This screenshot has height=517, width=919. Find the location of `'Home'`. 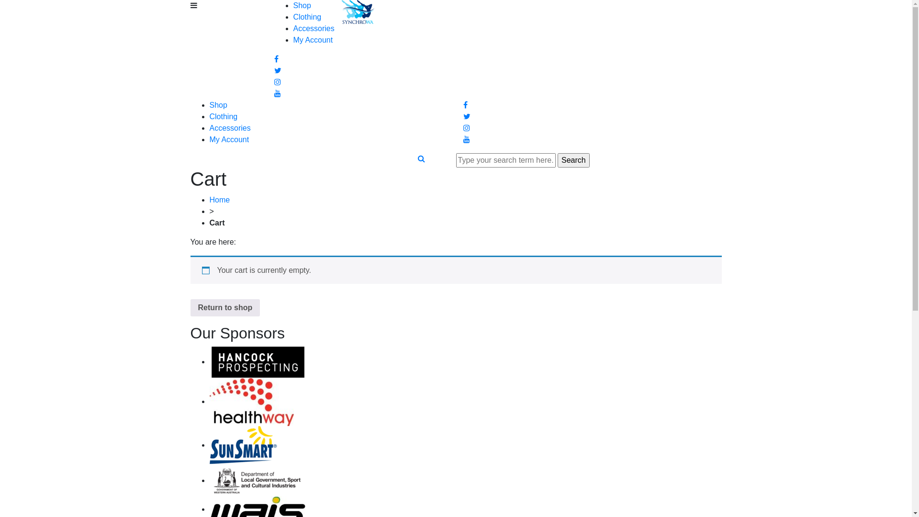

'Home' is located at coordinates (219, 199).